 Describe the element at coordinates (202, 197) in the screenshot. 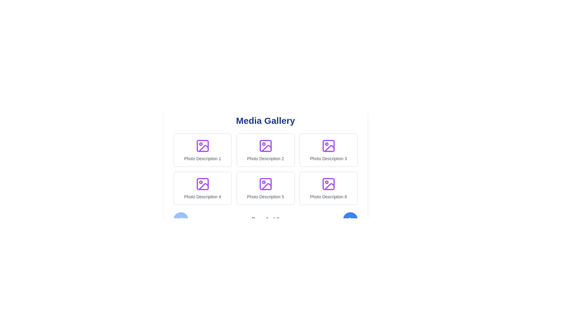

I see `the static text label located in the fourth tile of a grid of image descriptions, positioned below a purple image icon` at that location.